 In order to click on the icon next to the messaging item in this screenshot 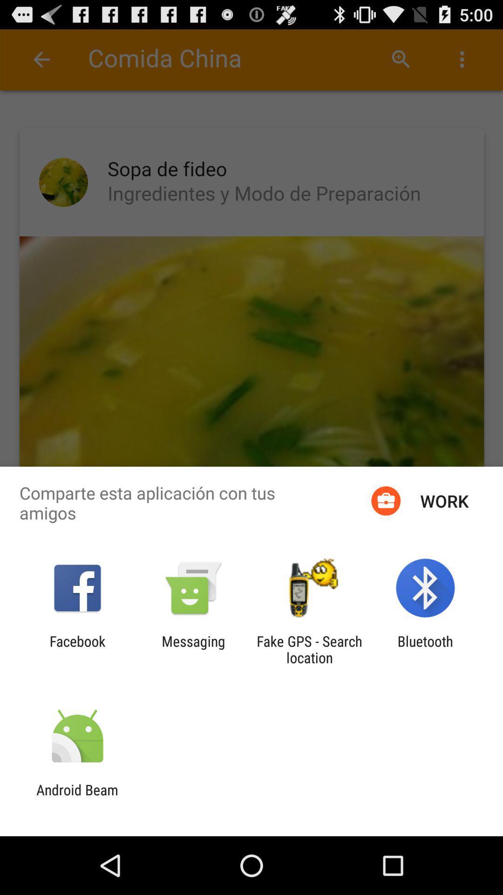, I will do `click(77, 649)`.